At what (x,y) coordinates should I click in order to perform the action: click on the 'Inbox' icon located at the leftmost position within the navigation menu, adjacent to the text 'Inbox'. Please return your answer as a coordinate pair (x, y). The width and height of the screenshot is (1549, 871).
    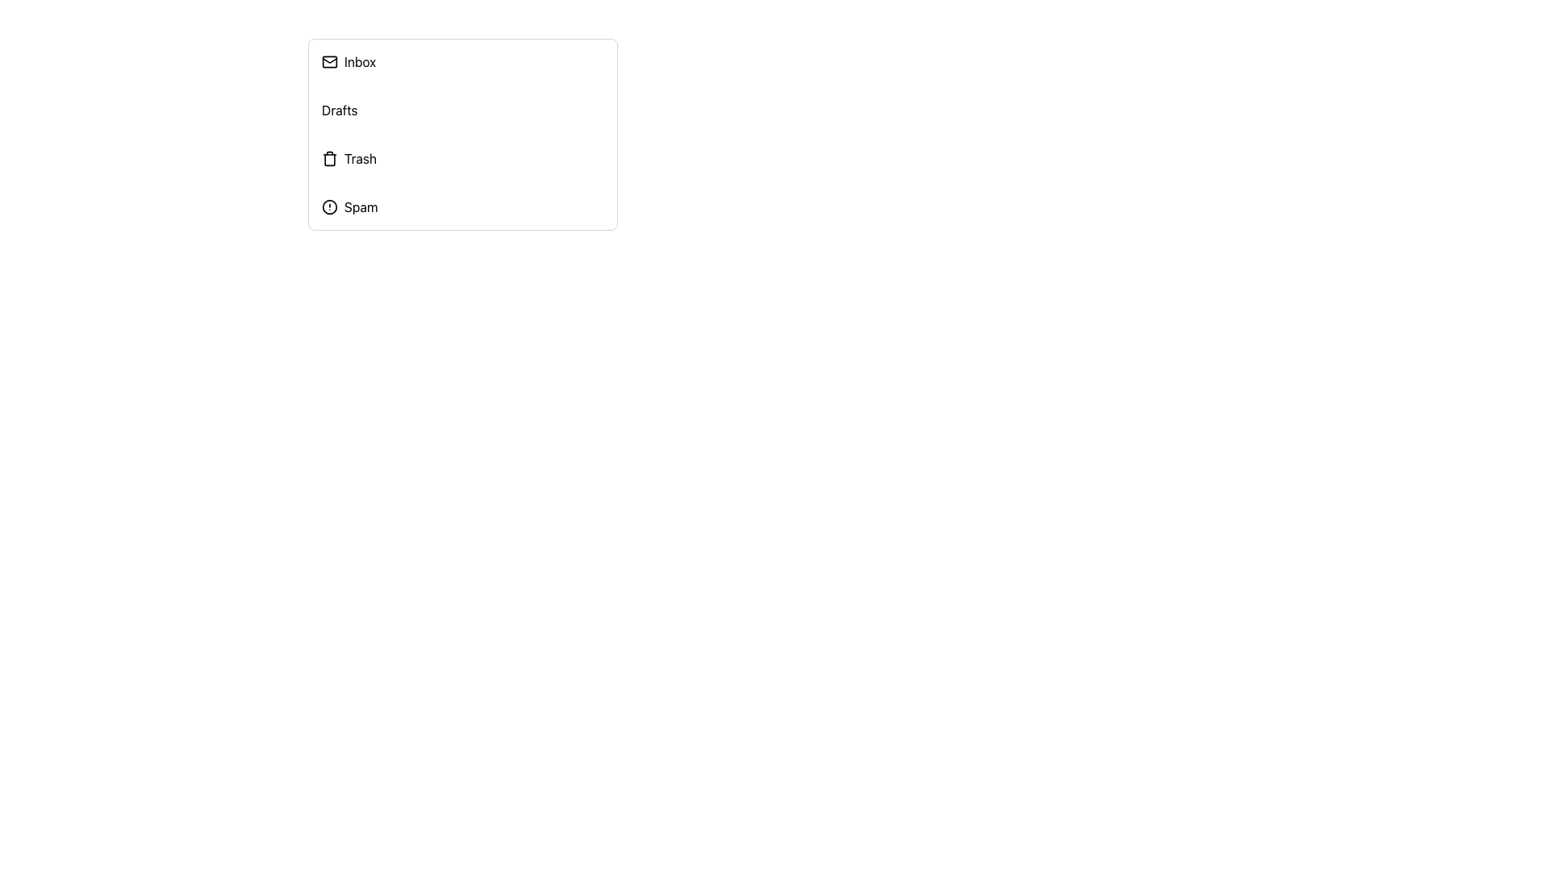
    Looking at the image, I should click on (328, 61).